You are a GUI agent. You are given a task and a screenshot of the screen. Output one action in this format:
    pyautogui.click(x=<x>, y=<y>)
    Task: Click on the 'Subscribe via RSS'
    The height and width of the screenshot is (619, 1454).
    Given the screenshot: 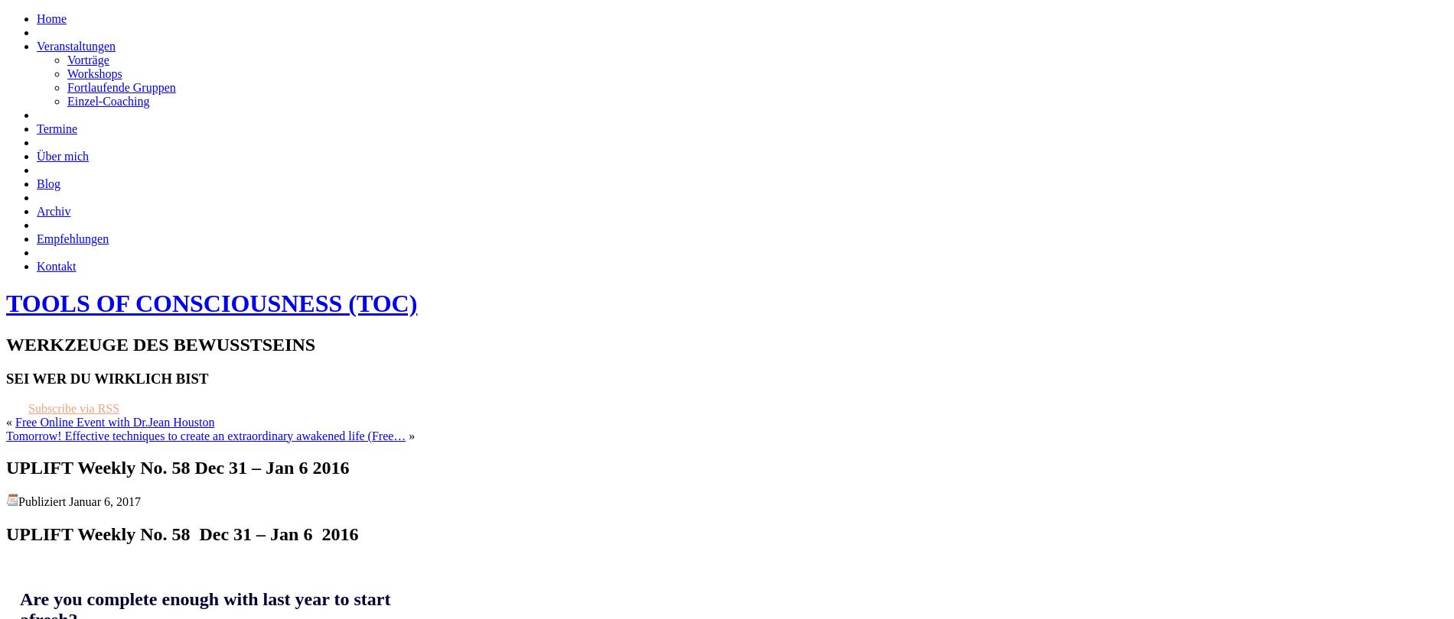 What is the action you would take?
    pyautogui.click(x=73, y=407)
    